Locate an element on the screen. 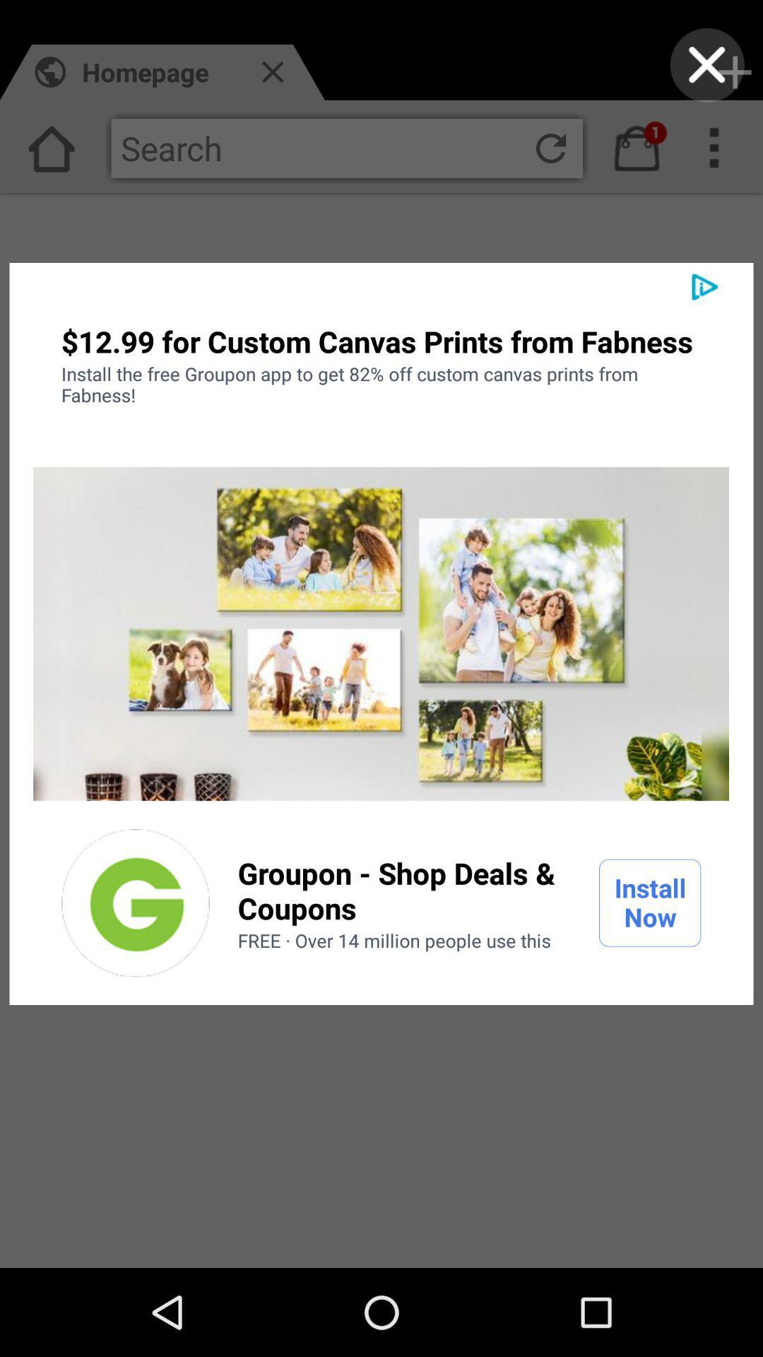 The height and width of the screenshot is (1357, 763). screen option is located at coordinates (707, 64).